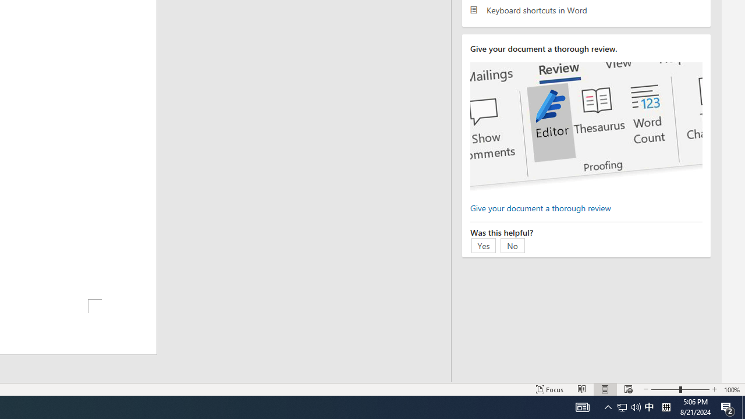 The image size is (745, 419). Describe the element at coordinates (586, 10) in the screenshot. I see `'Keyboard shortcuts in Word'` at that location.